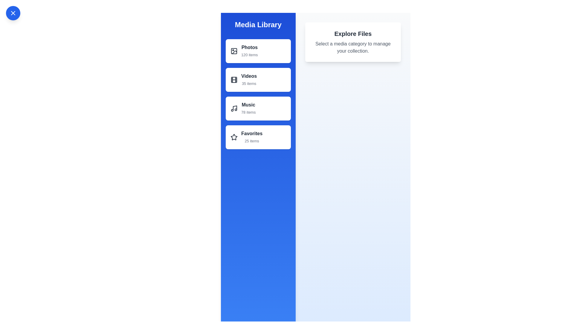  I want to click on the list item Photos to observe its hover state, so click(258, 51).